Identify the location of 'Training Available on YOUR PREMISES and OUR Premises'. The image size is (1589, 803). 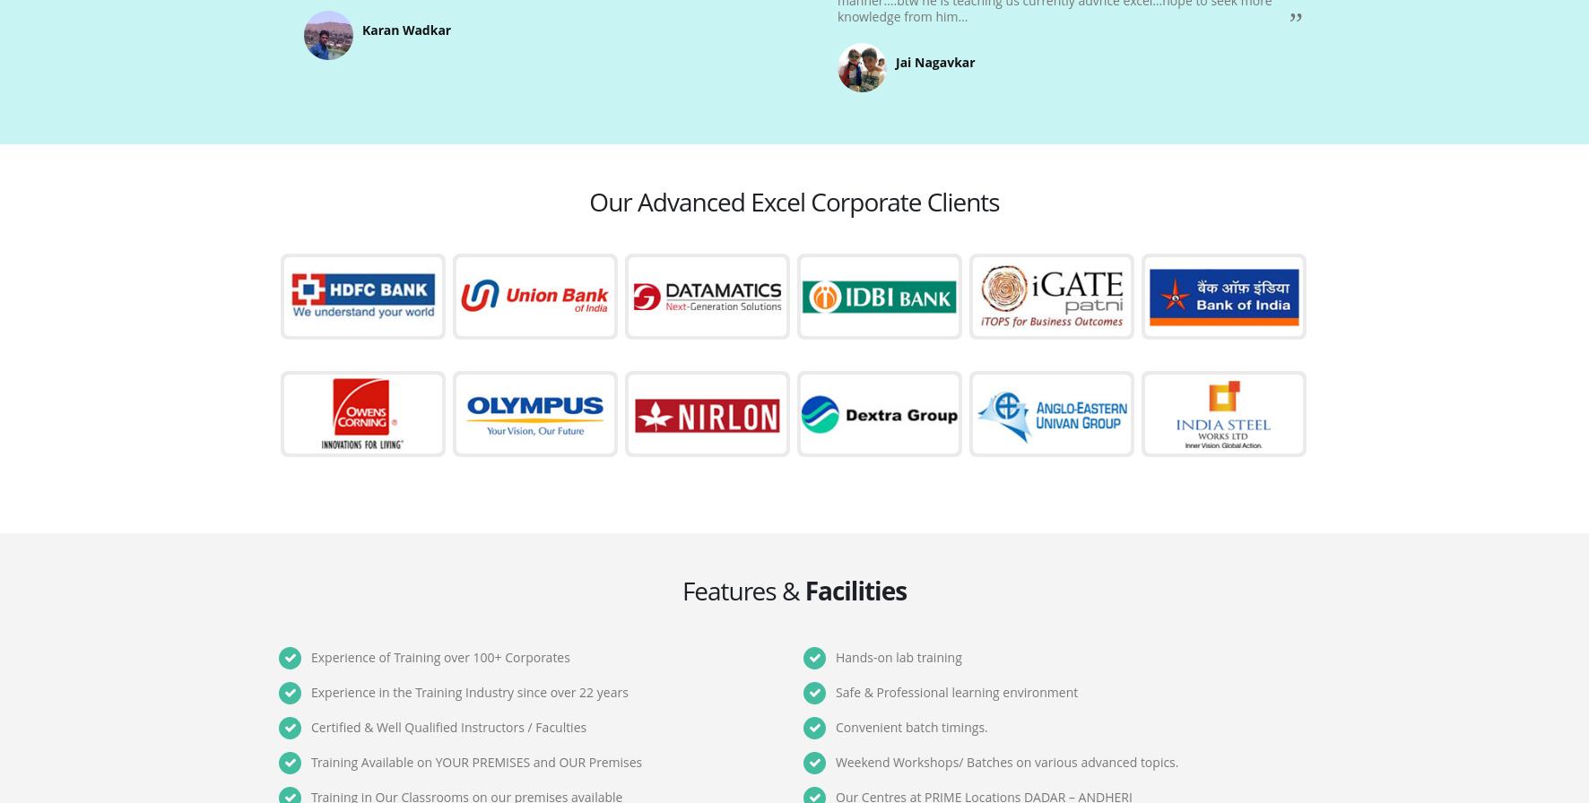
(475, 762).